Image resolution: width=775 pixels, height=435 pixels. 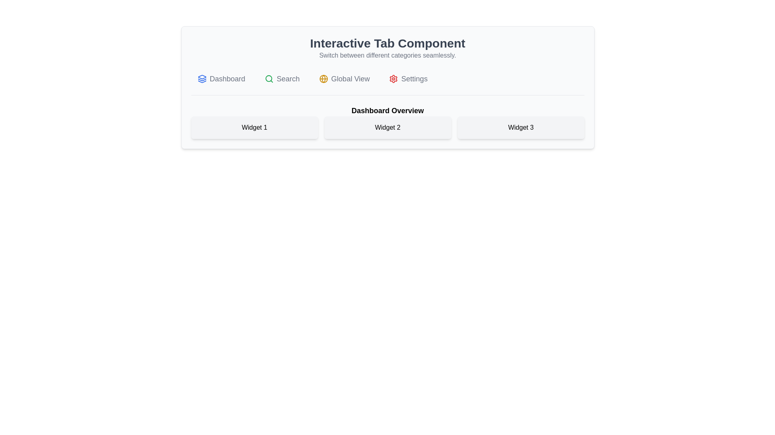 I want to click on the text label for the search button located second in the navigation options, positioned to the right of the green magnifying glass icon, so click(x=288, y=79).